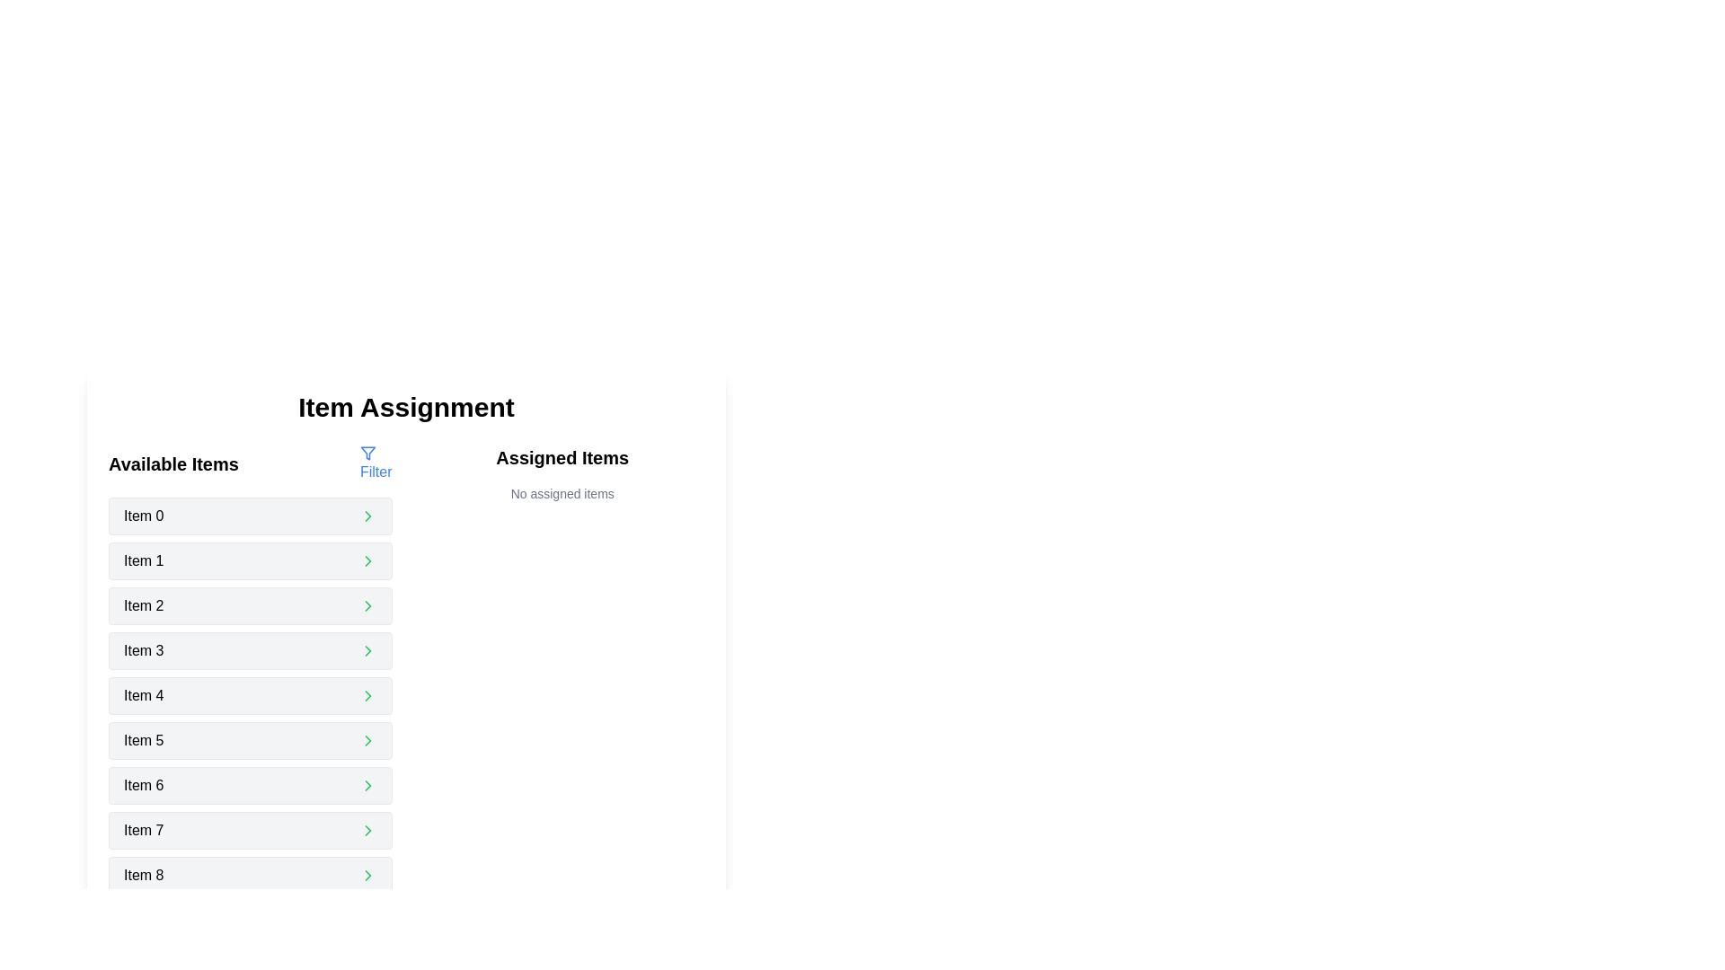  What do you see at coordinates (367, 453) in the screenshot?
I see `the triangular funnel icon next to the 'Filter' label, which is located above the available items list and adjacent to the filter checkbox` at bounding box center [367, 453].